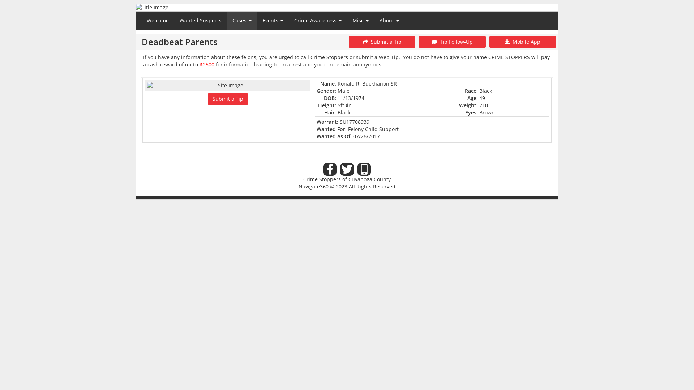  What do you see at coordinates (360, 20) in the screenshot?
I see `'Misc'` at bounding box center [360, 20].